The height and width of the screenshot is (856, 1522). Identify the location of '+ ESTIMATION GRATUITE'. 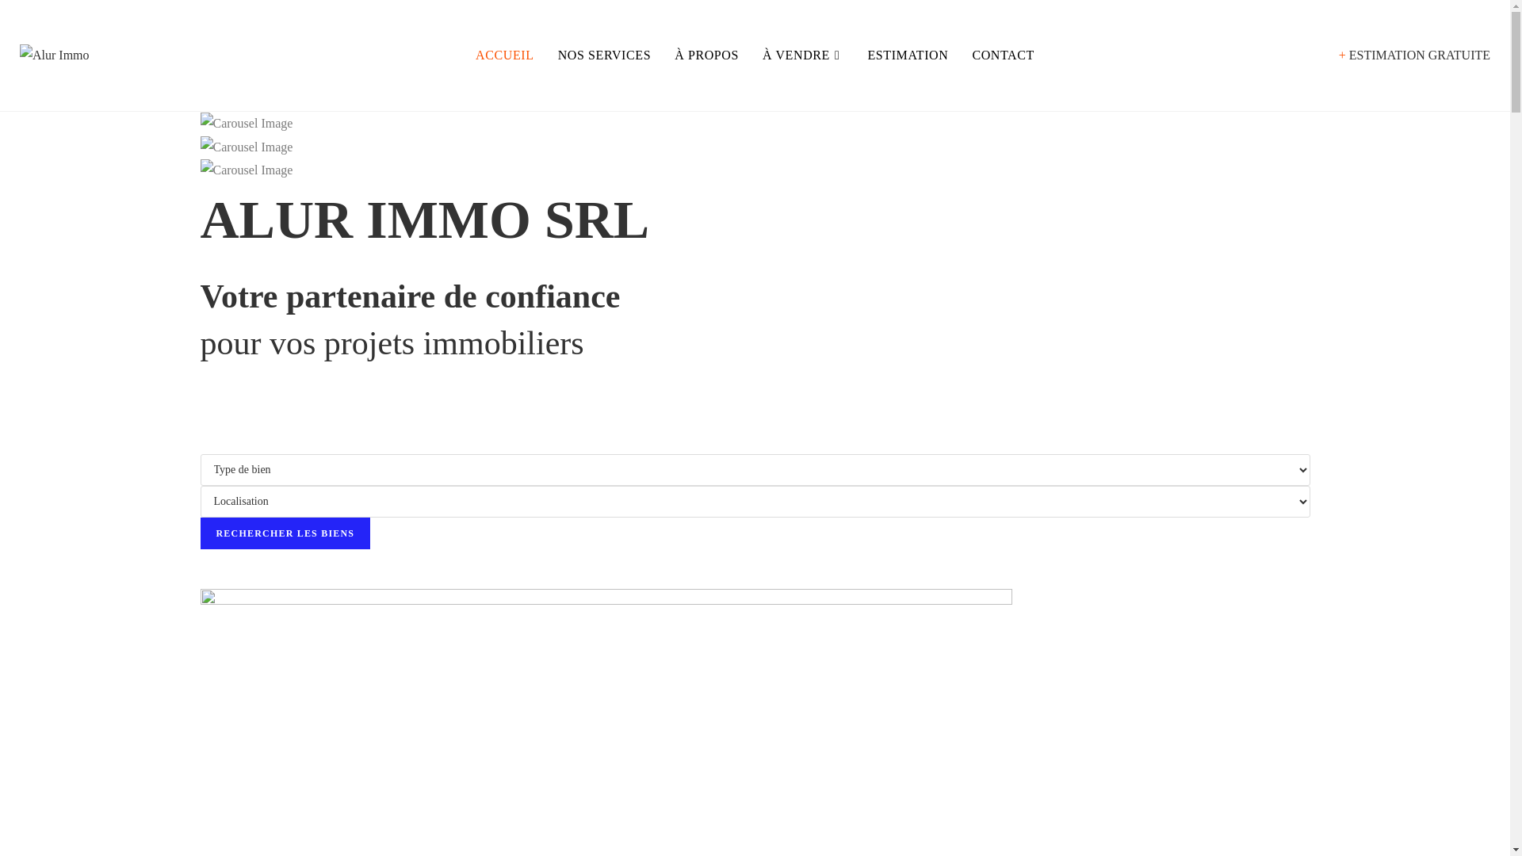
(1414, 54).